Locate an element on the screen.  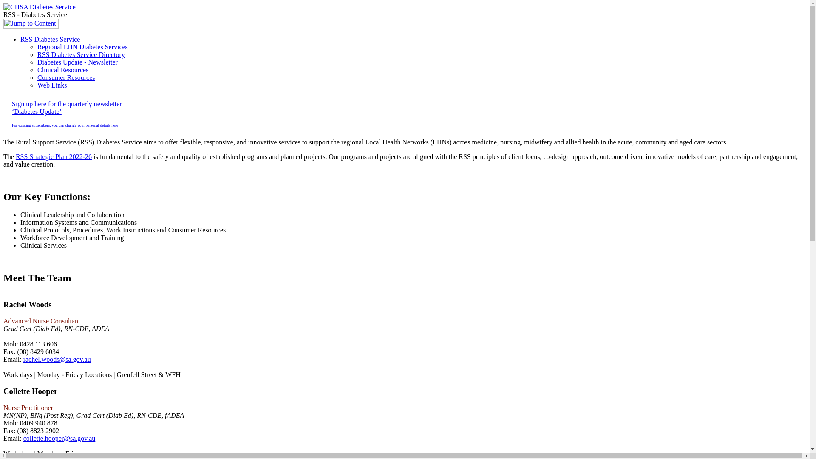
'Consumer Resources' is located at coordinates (66, 77).